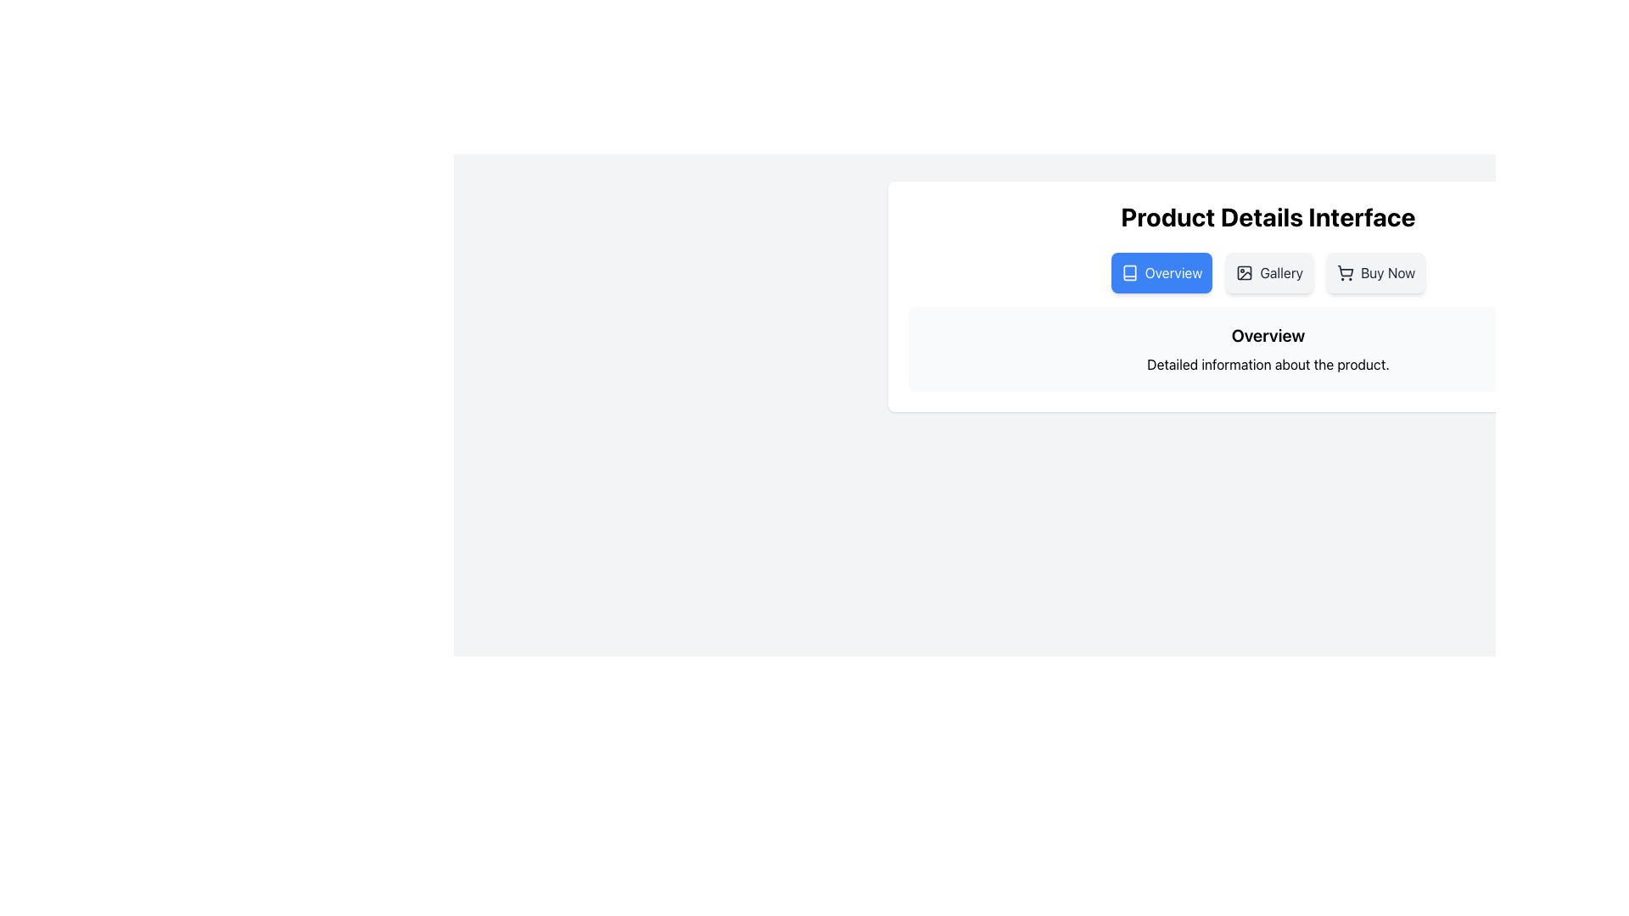 This screenshot has height=916, width=1629. What do you see at coordinates (1161, 271) in the screenshot?
I see `the navigation button located in the top-right corner of the interface, which is the first item in a horizontal group of buttons before the 'Gallery' and 'Buy Now' buttons` at bounding box center [1161, 271].